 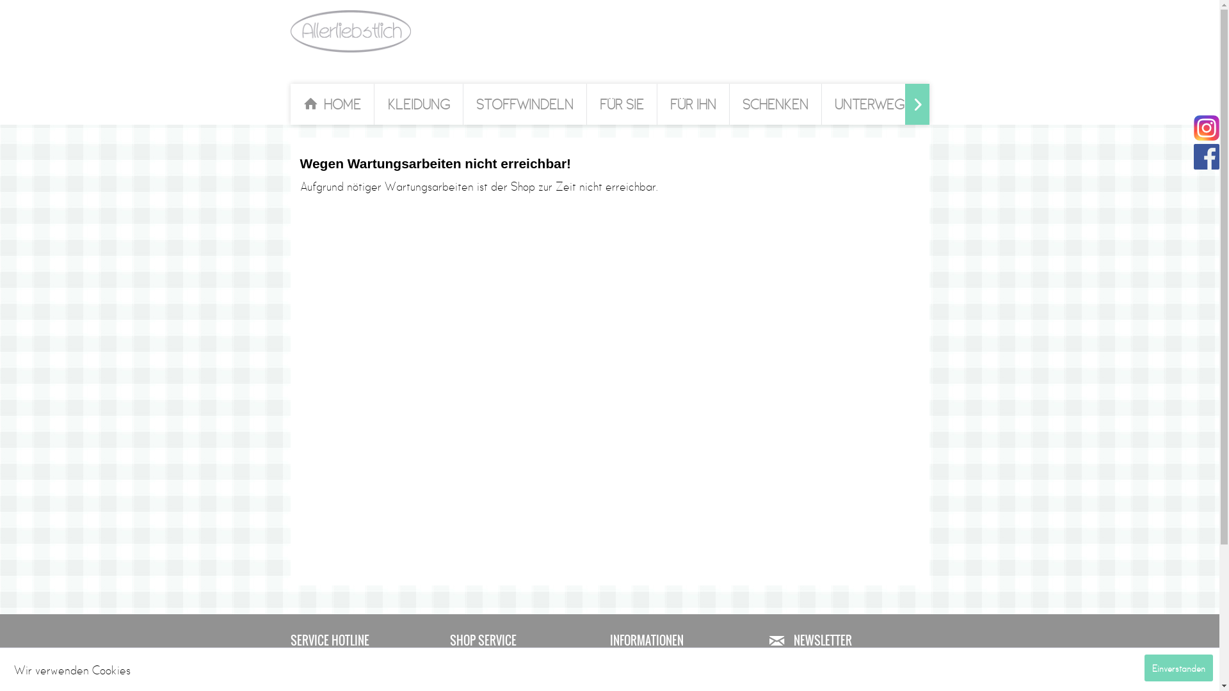 What do you see at coordinates (1178, 667) in the screenshot?
I see `'Einverstanden'` at bounding box center [1178, 667].